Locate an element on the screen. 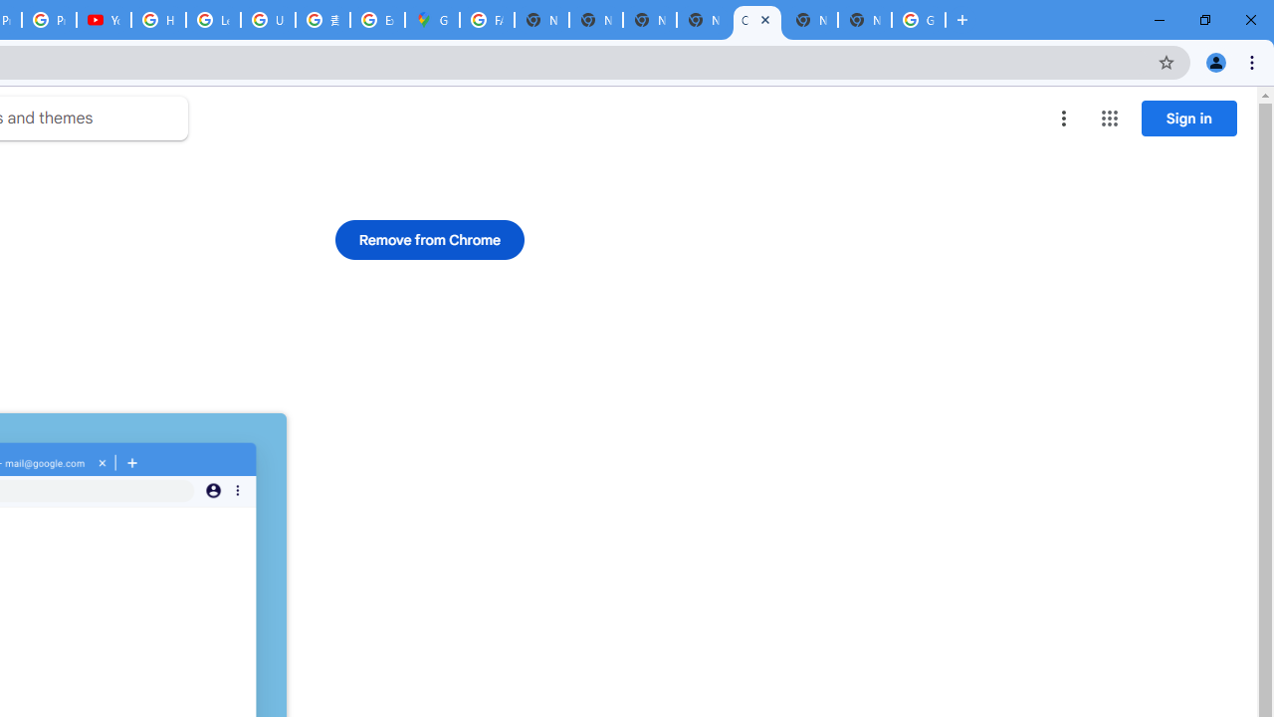  'New Tab' is located at coordinates (865, 20).